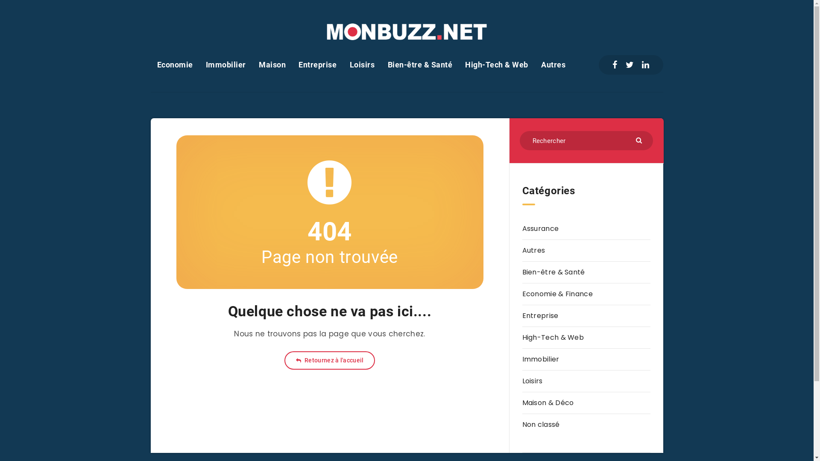 The width and height of the screenshot is (820, 461). I want to click on 'Immobilier', so click(225, 64).